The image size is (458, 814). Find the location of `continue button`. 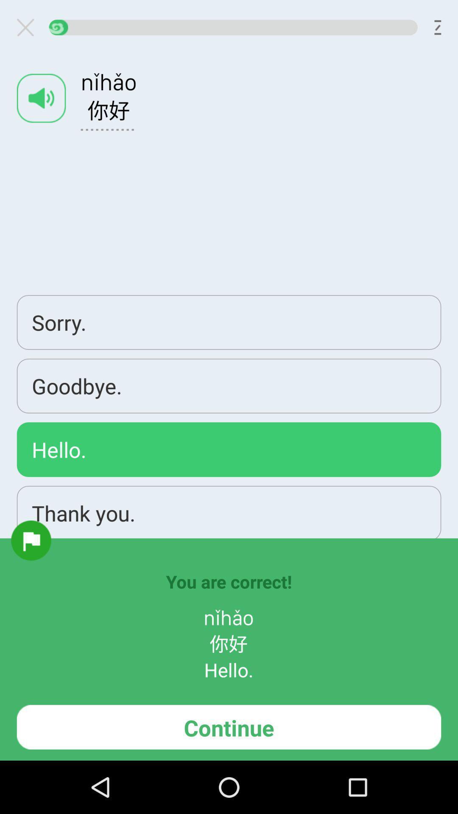

continue button is located at coordinates (229, 727).